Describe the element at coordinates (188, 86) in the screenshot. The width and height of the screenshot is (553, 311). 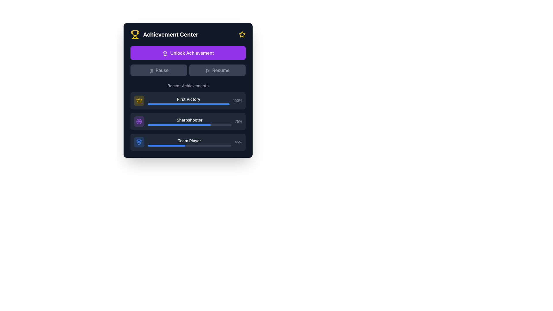
I see `the textual label that reads 'Recent Achievements', styled with a gray-colored font, located below the 'Unlock Achievement' button and above achievement progress bars` at that location.